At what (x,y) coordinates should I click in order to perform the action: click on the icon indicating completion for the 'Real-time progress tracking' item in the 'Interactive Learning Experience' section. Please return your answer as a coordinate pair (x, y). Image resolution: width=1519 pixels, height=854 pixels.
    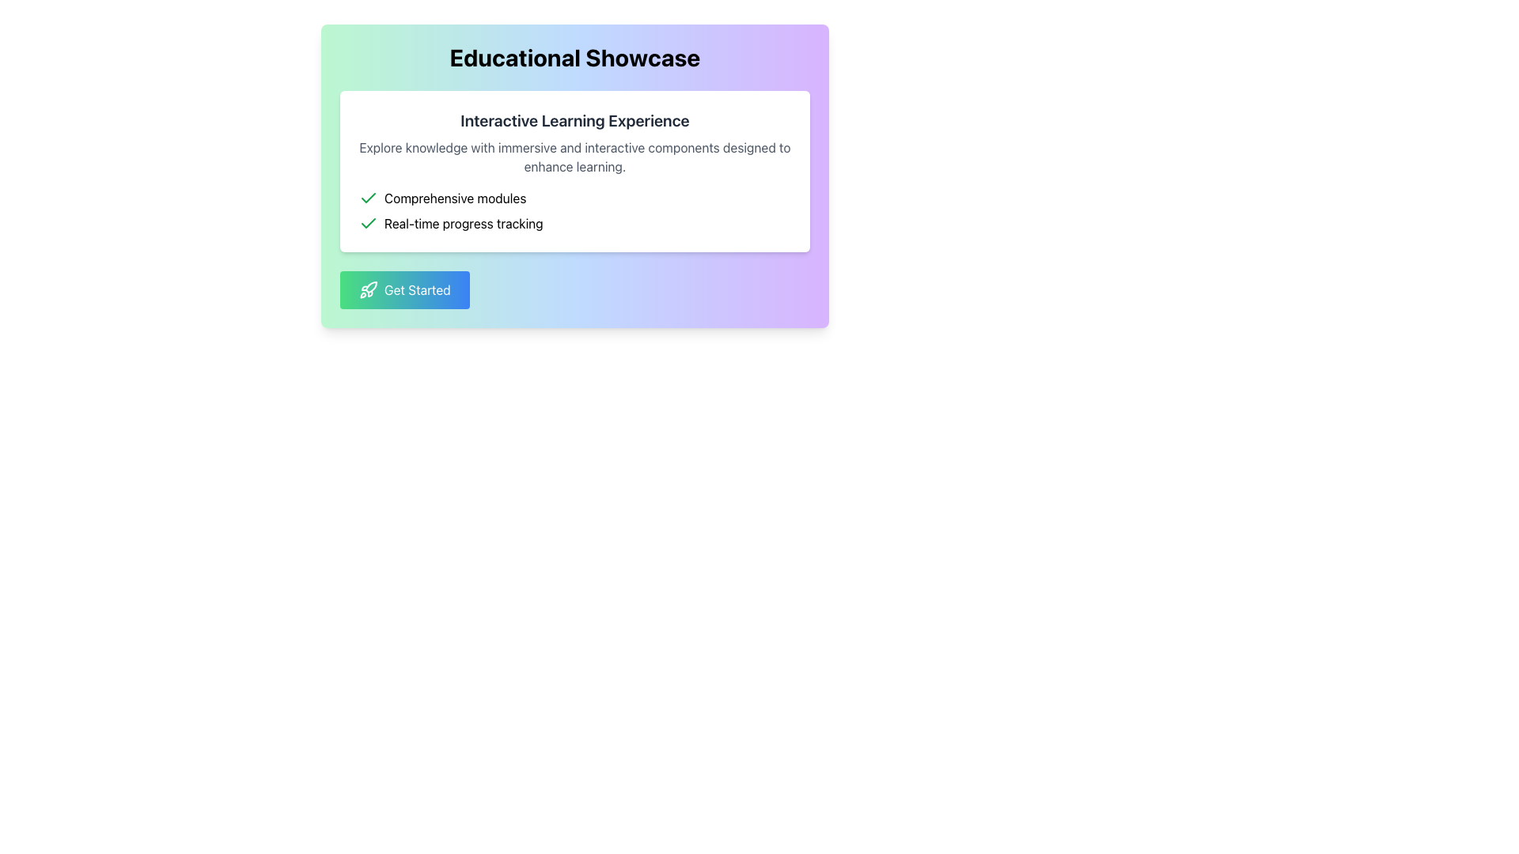
    Looking at the image, I should click on (367, 223).